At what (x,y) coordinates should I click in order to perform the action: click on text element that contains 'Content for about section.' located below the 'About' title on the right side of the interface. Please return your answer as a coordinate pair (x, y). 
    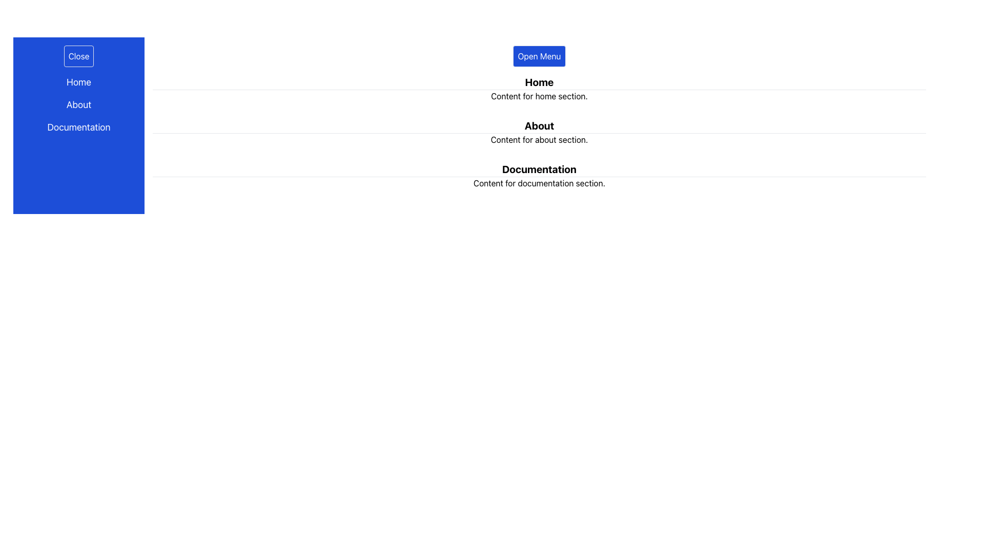
    Looking at the image, I should click on (539, 140).